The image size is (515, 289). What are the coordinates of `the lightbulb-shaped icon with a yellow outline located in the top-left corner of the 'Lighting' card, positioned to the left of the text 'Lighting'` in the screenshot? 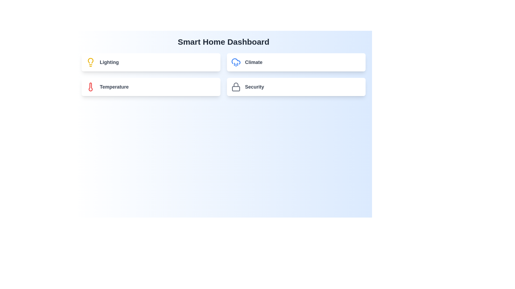 It's located at (90, 62).